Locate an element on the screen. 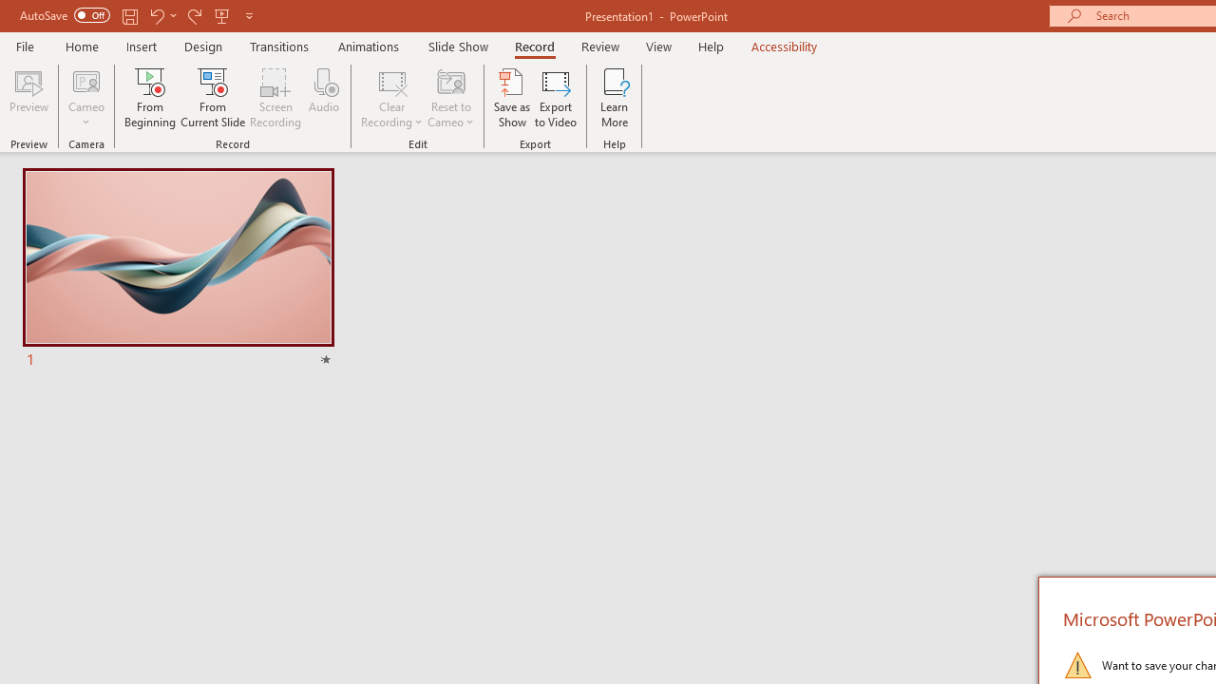 The width and height of the screenshot is (1216, 684). 'From Current Slide...' is located at coordinates (213, 98).